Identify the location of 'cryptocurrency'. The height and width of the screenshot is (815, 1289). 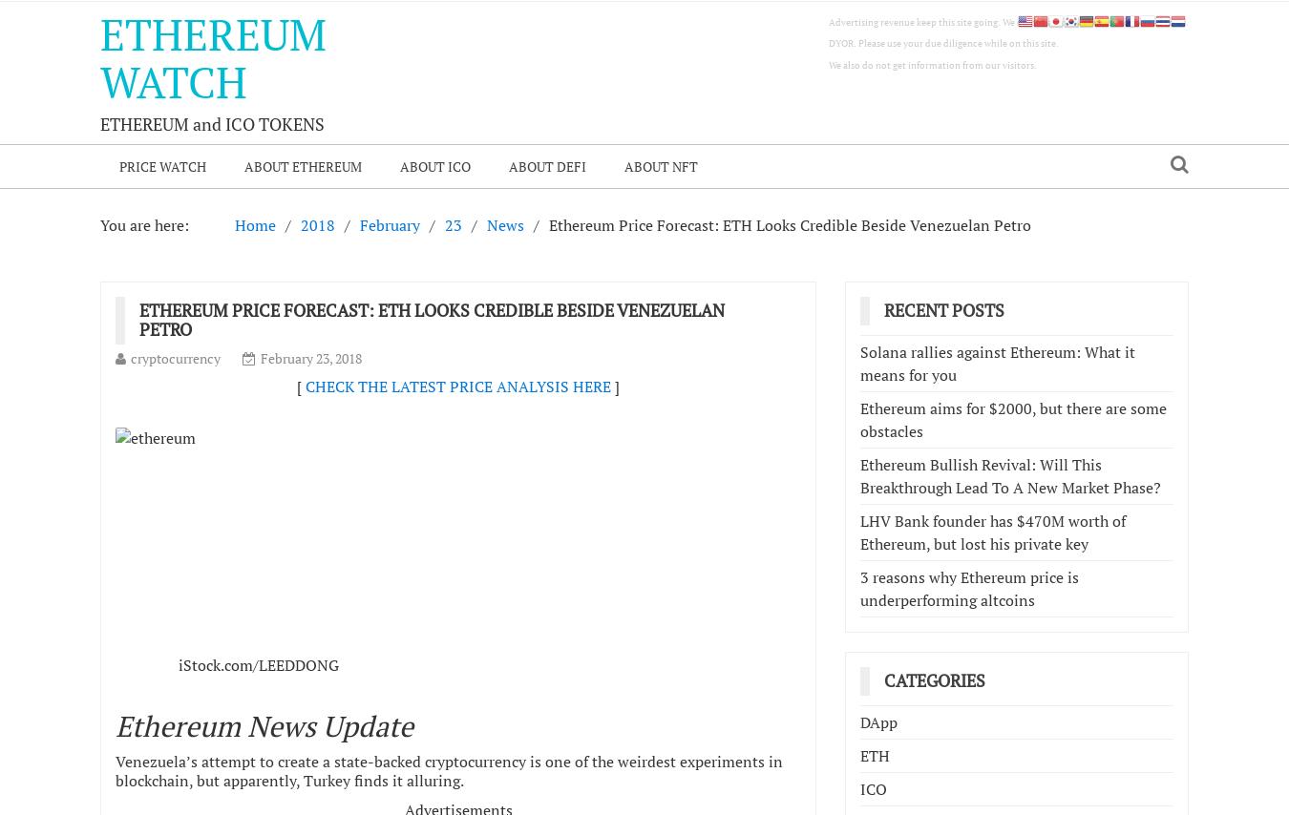
(176, 356).